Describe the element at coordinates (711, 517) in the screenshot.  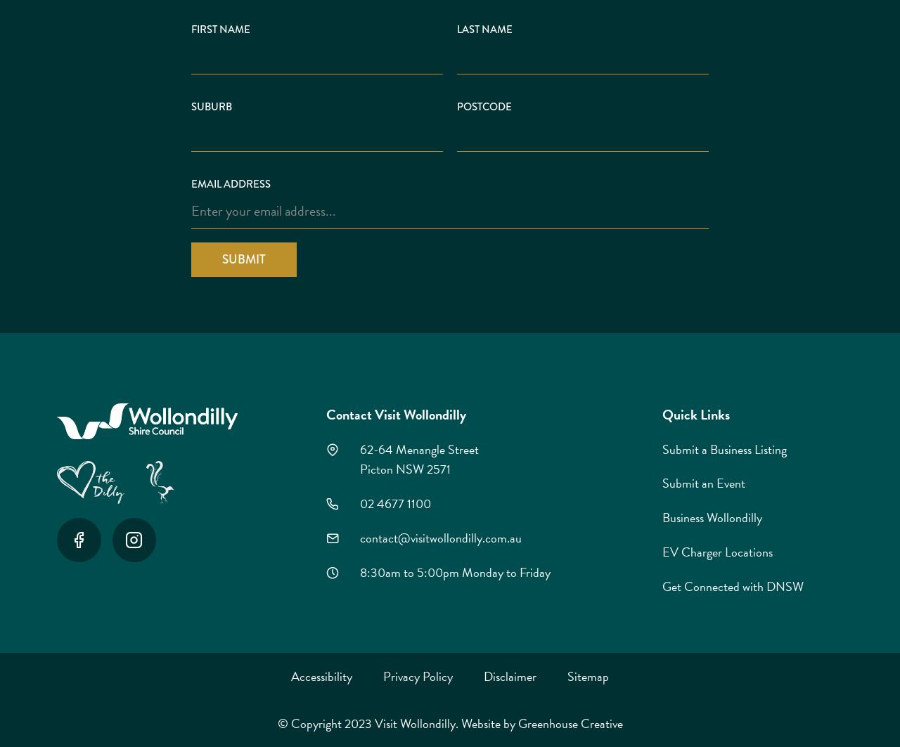
I see `'Business Wollondilly'` at that location.